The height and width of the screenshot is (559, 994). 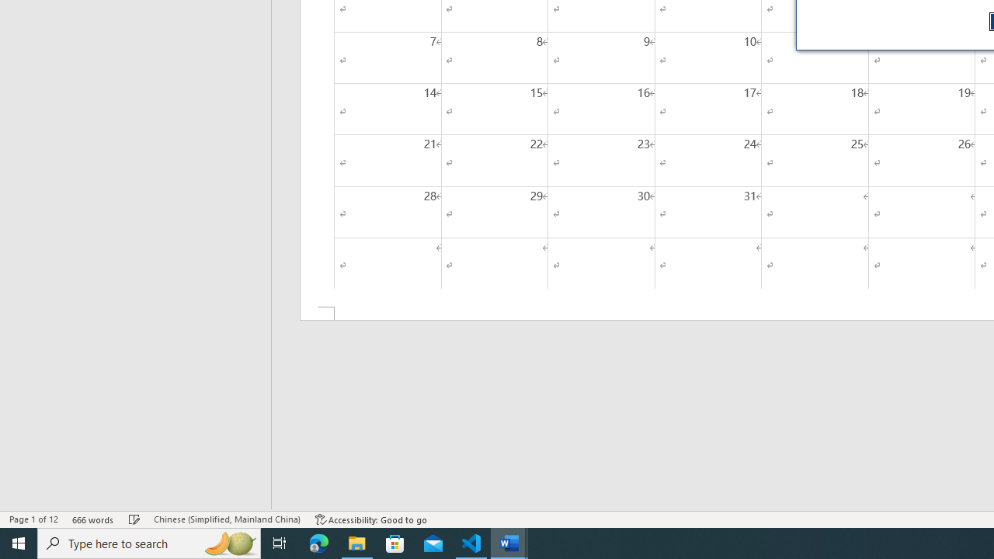 I want to click on 'Page Number Page 1 of 12', so click(x=33, y=519).